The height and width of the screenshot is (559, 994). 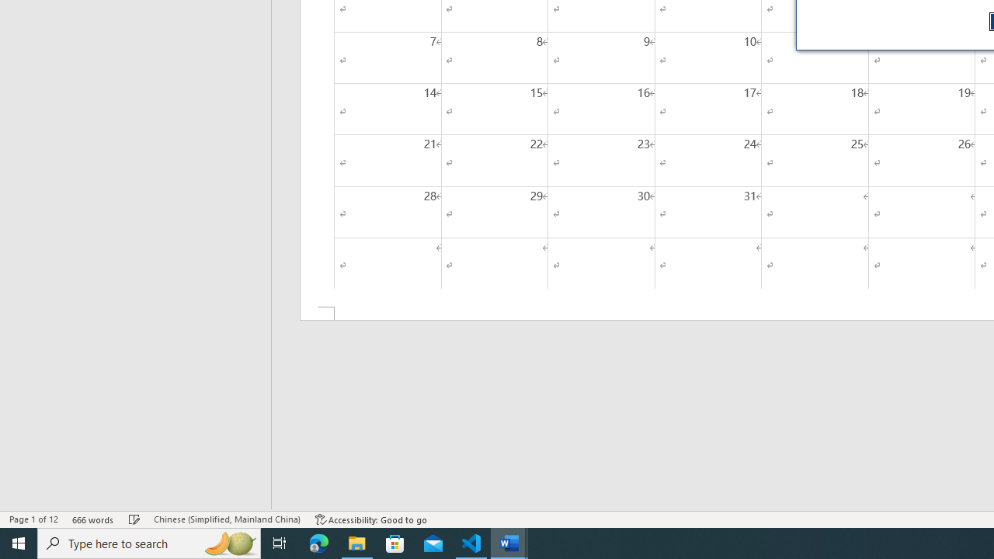 I want to click on 'Page Number Page 1 of 12', so click(x=33, y=519).